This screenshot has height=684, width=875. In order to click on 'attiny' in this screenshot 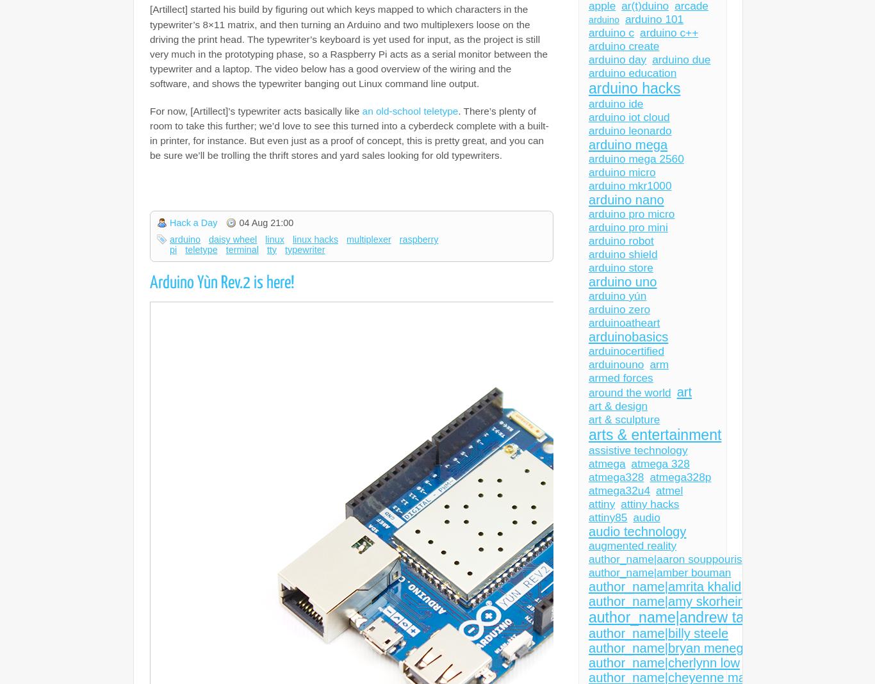, I will do `click(601, 504)`.